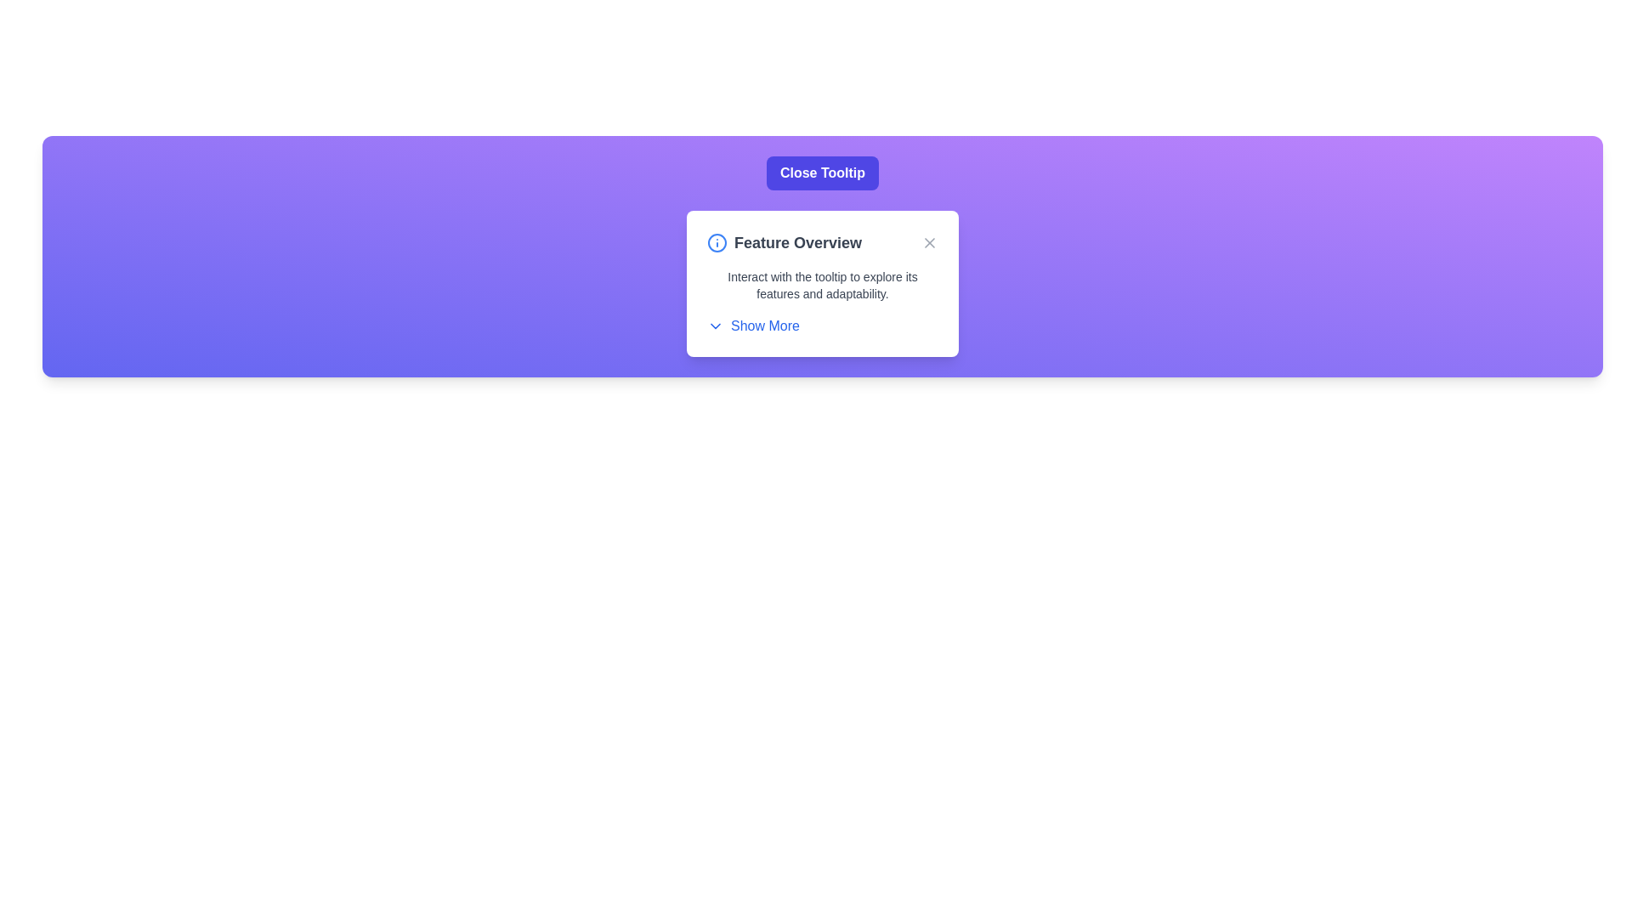  Describe the element at coordinates (929, 242) in the screenshot. I see `the small cross (X) icon located in the top-right corner of the 'Feature Overview' card component` at that location.